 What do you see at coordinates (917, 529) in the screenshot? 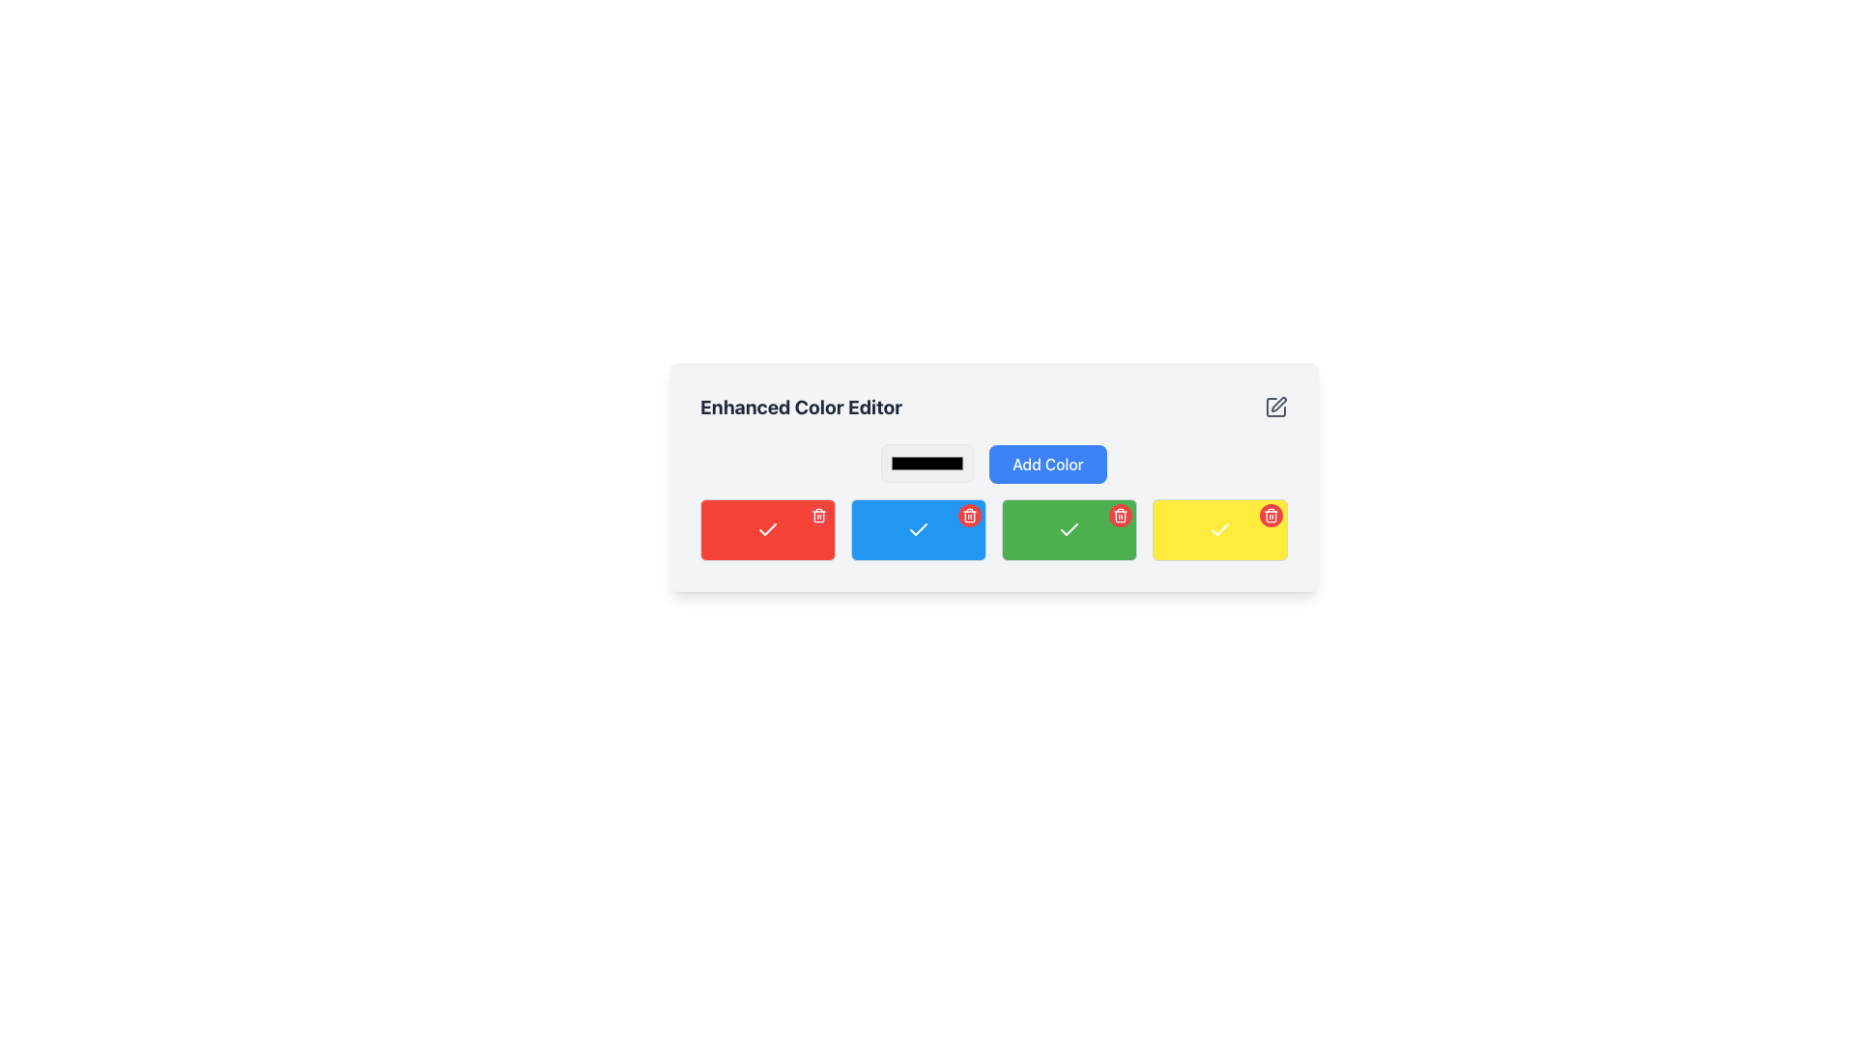
I see `the white checkmark icon centered within a blue square background, located in the second position of a row of four buttons in the color editor panel` at bounding box center [917, 529].